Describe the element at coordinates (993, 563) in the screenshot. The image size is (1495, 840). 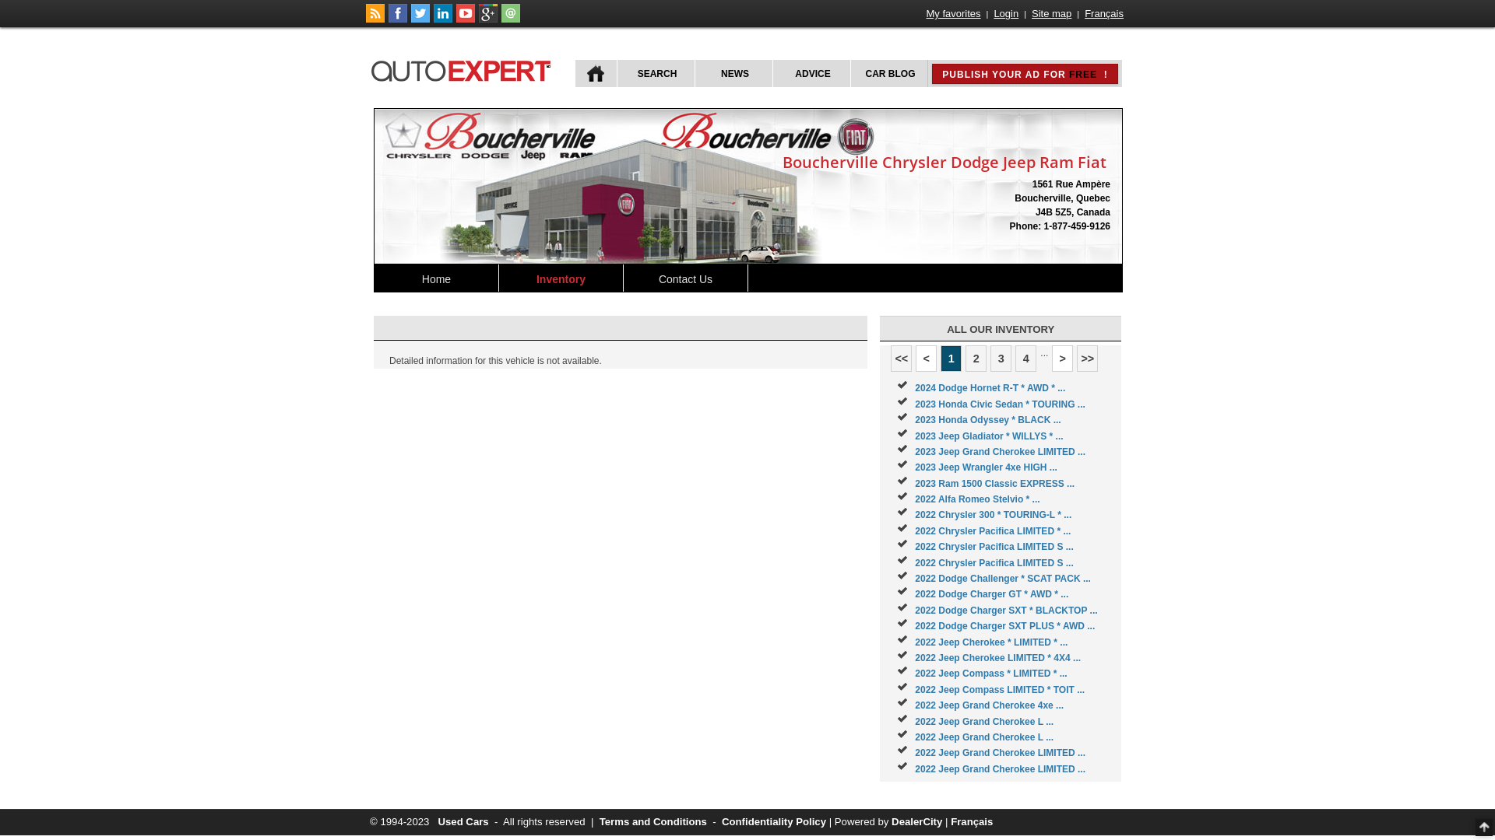
I see `'2022 Chrysler Pacifica LIMITED S ...'` at that location.